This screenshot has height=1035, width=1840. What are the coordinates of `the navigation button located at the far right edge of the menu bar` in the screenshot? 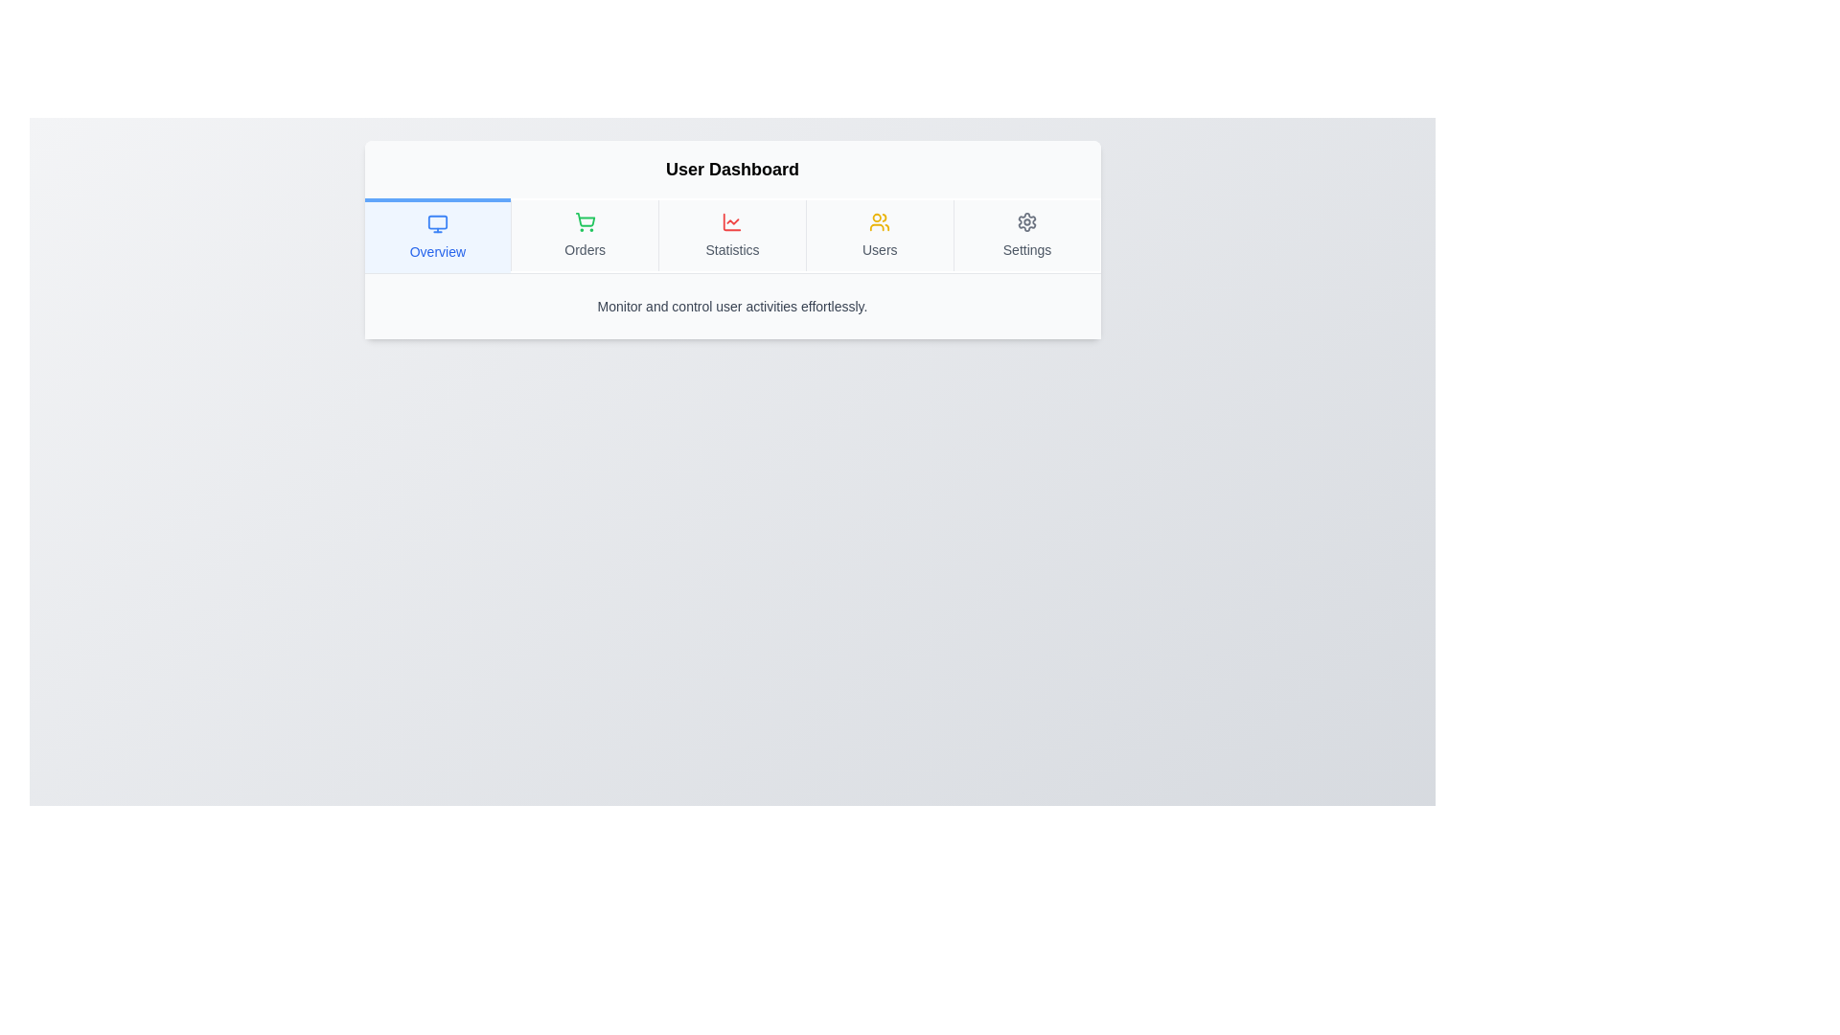 It's located at (1025, 235).